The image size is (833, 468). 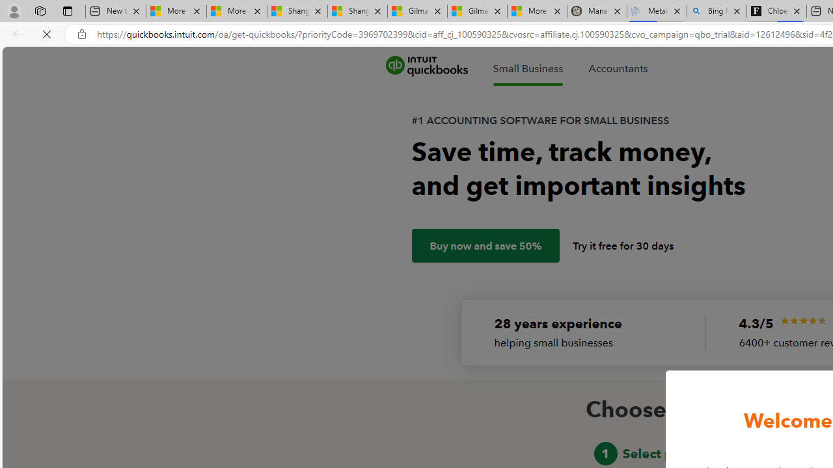 What do you see at coordinates (617, 68) in the screenshot?
I see `'Accountants'` at bounding box center [617, 68].